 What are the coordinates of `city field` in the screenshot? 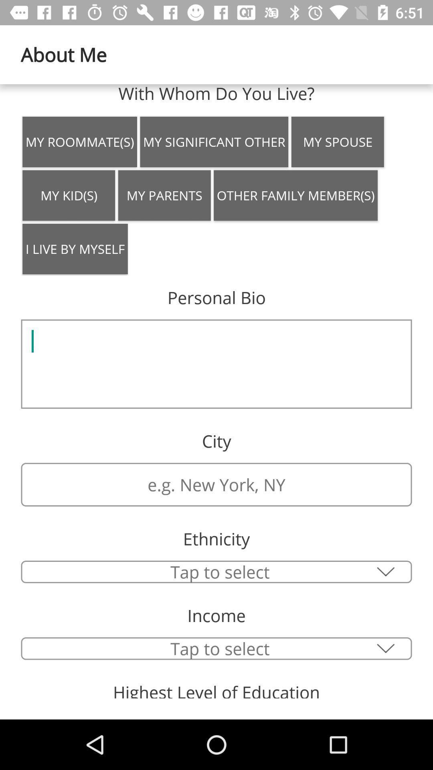 It's located at (216, 484).